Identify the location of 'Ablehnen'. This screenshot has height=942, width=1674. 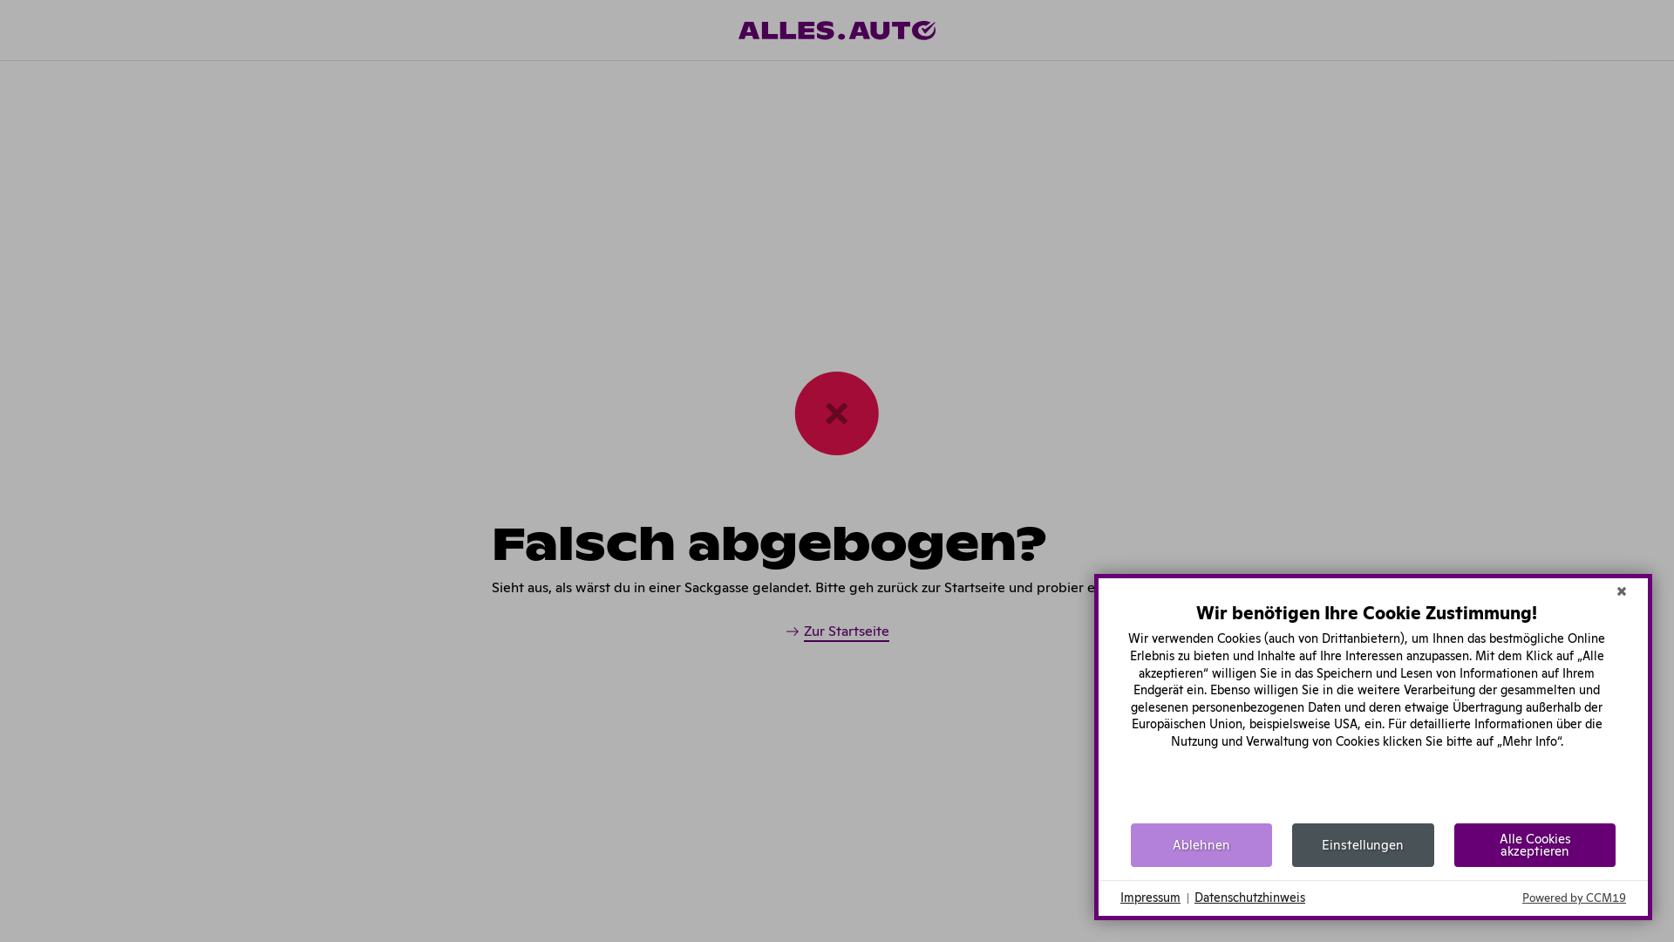
(1200, 843).